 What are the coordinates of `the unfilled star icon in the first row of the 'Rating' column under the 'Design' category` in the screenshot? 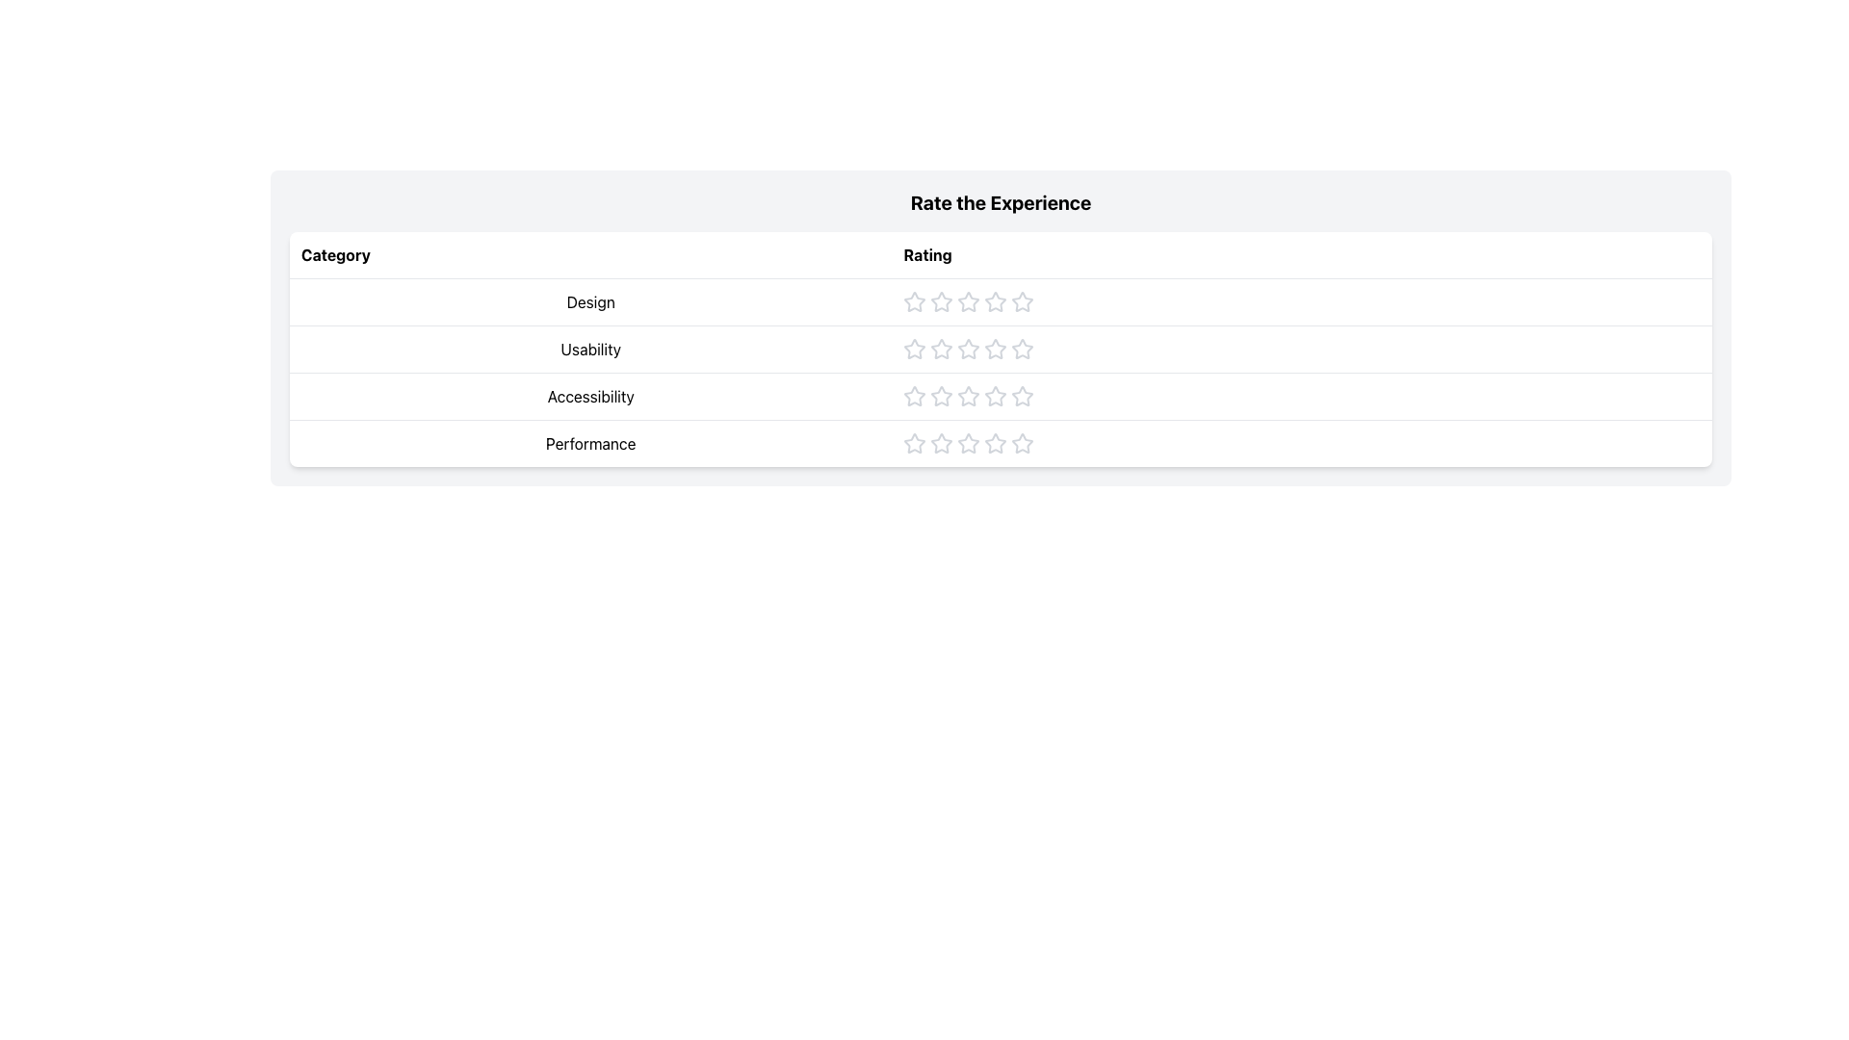 It's located at (914, 301).